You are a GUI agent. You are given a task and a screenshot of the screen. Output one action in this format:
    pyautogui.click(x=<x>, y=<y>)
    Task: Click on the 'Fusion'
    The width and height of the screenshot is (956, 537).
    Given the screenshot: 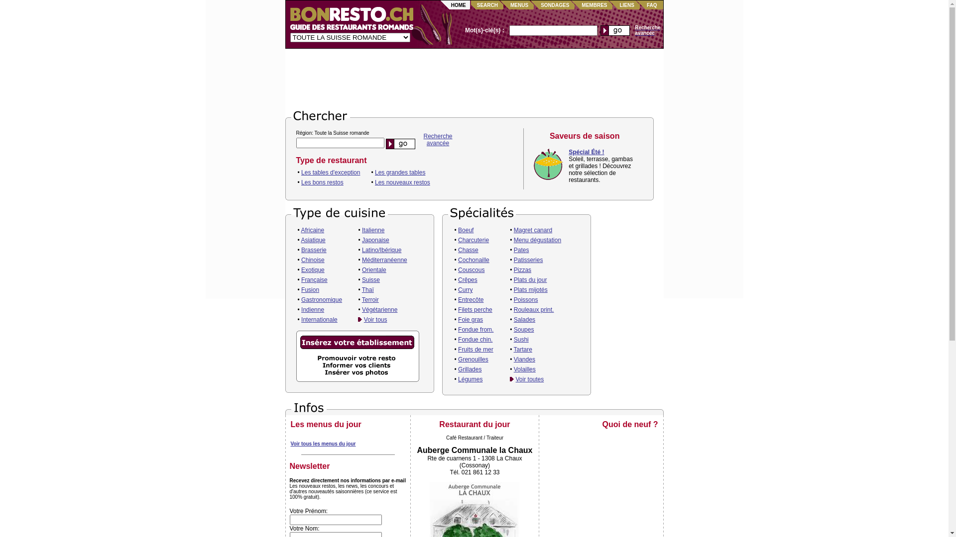 What is the action you would take?
    pyautogui.click(x=310, y=289)
    